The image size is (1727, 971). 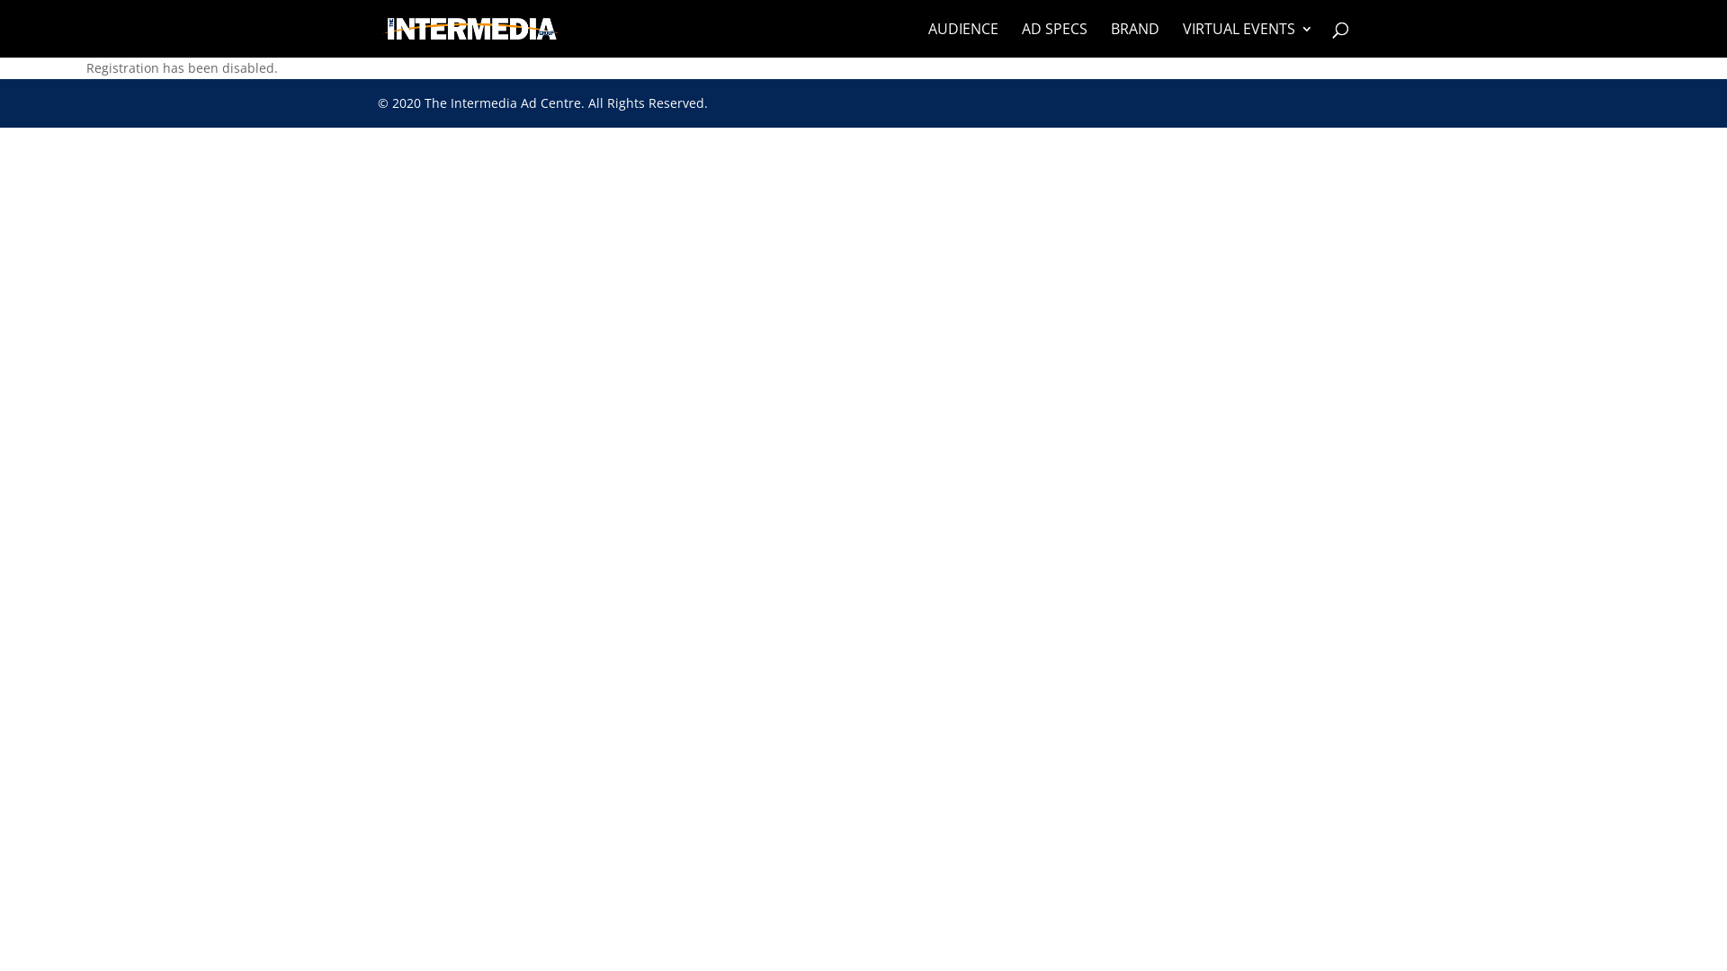 I want to click on 'BRAND', so click(x=1134, y=40).